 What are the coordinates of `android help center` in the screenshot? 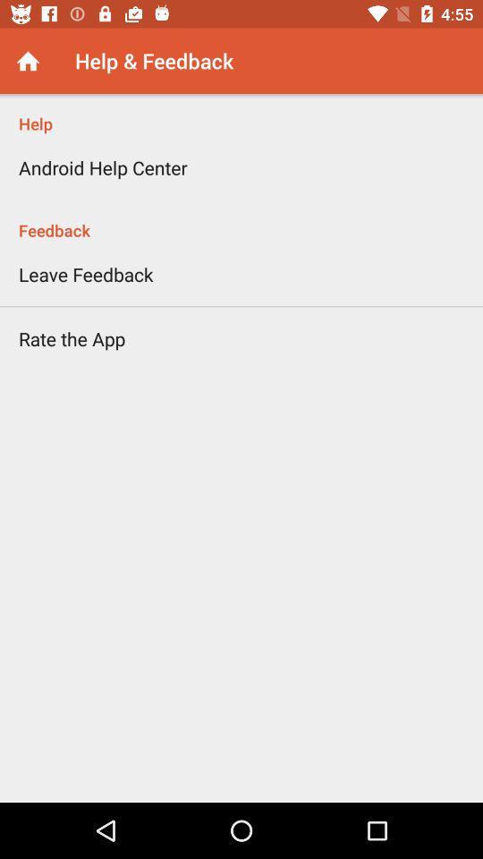 It's located at (103, 167).